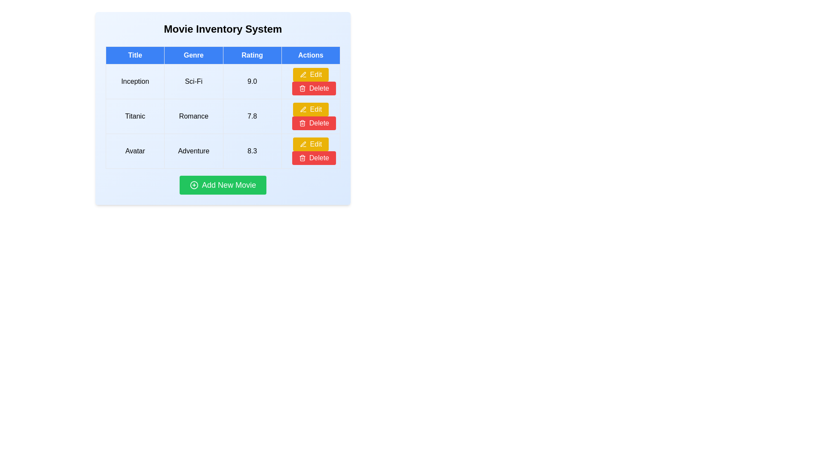  What do you see at coordinates (302, 88) in the screenshot?
I see `the 'Delete' icon located in the 'Actions' column of the third row of the table` at bounding box center [302, 88].